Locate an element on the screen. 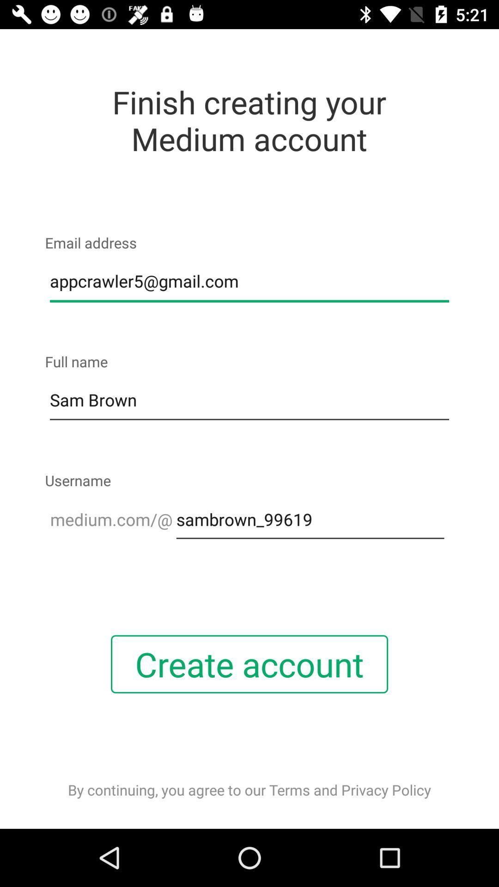 The height and width of the screenshot is (887, 499). the sam brown item is located at coordinates (249, 401).